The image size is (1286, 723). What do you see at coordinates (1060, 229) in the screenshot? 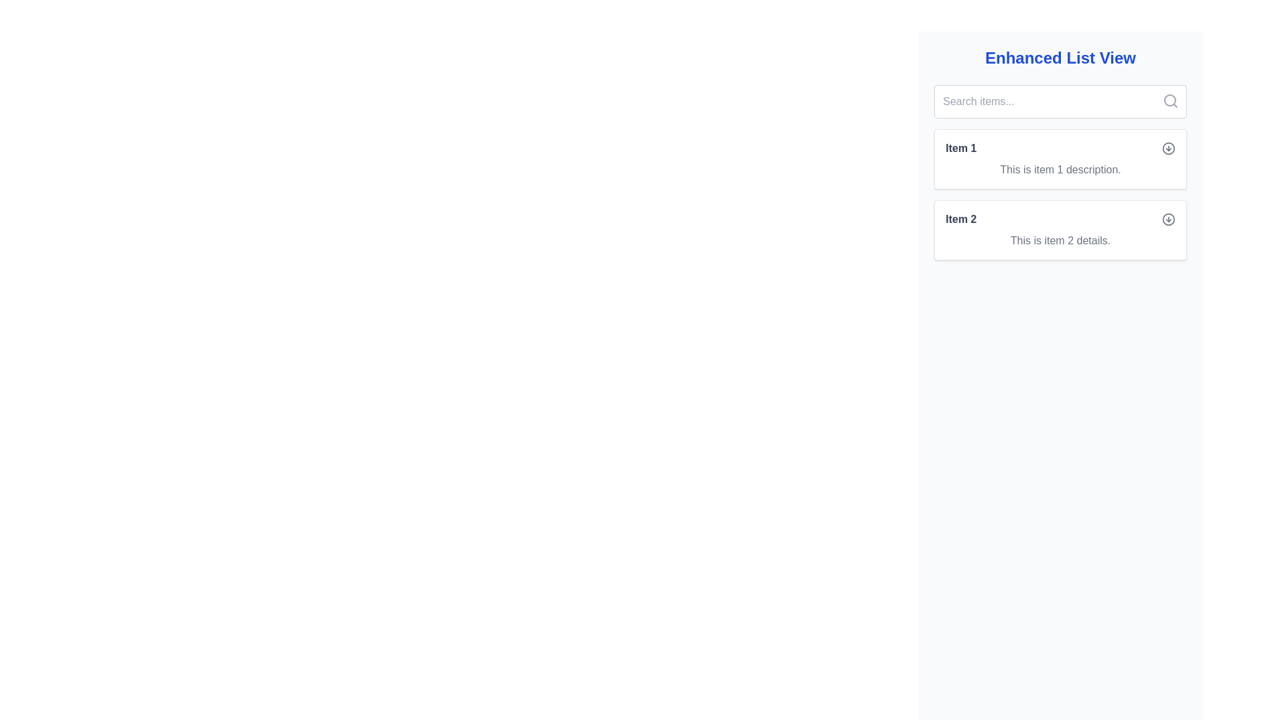
I see `the second Card element in the Enhanced List View` at bounding box center [1060, 229].